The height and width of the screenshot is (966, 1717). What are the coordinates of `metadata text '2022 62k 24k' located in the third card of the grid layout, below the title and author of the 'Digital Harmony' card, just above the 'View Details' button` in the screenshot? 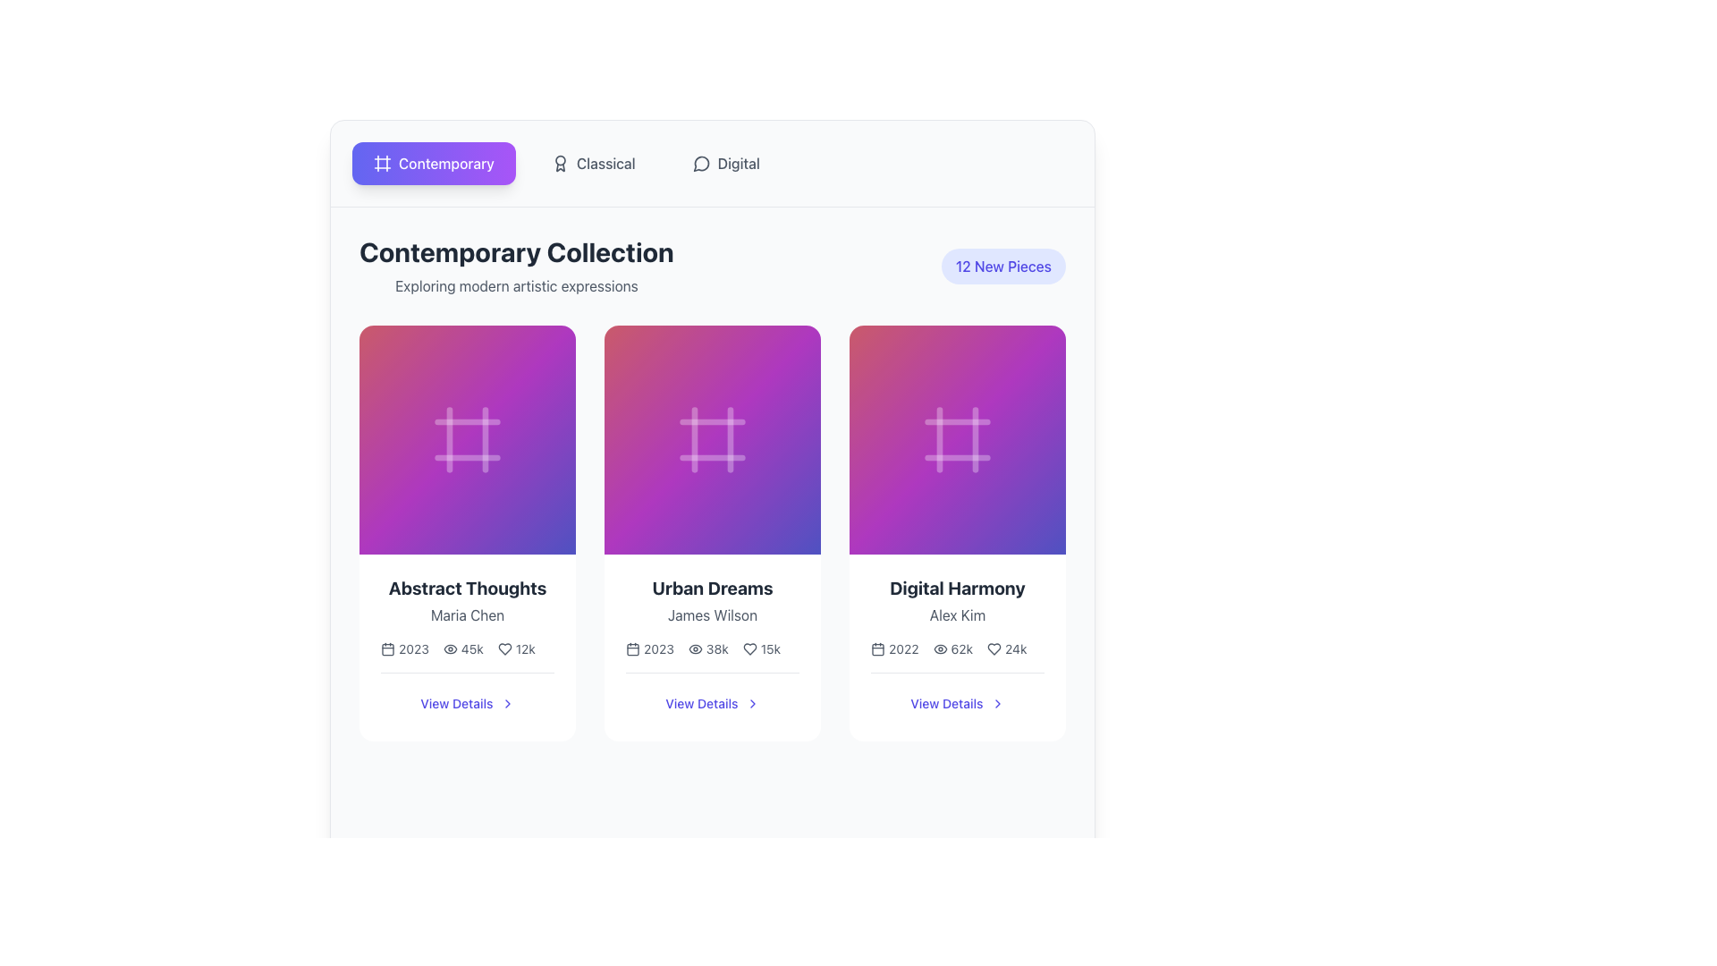 It's located at (956, 648).